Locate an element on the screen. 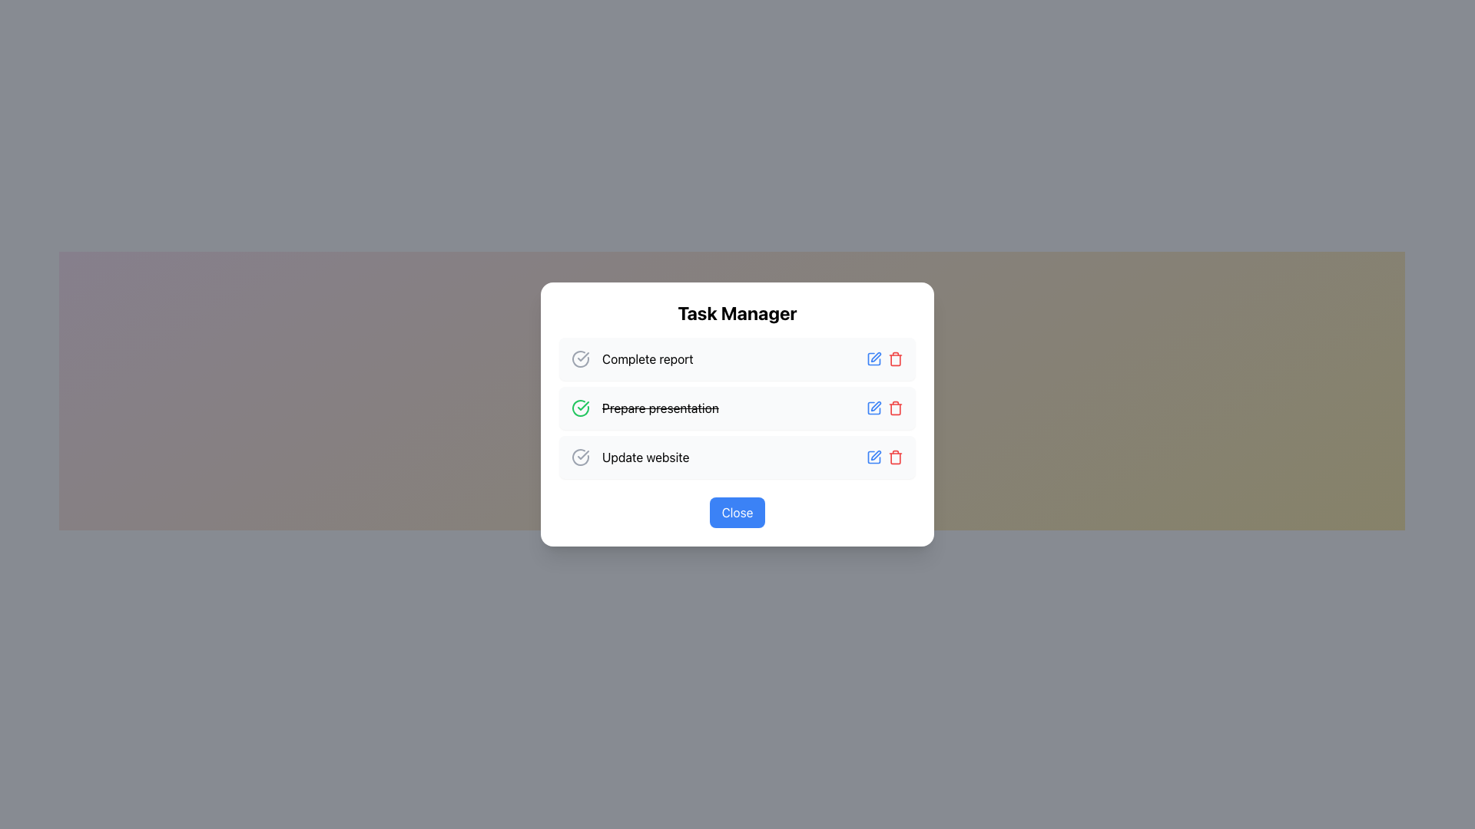  the blue 'Close' button located at the bottom center of the dialog box is located at coordinates (737, 512).